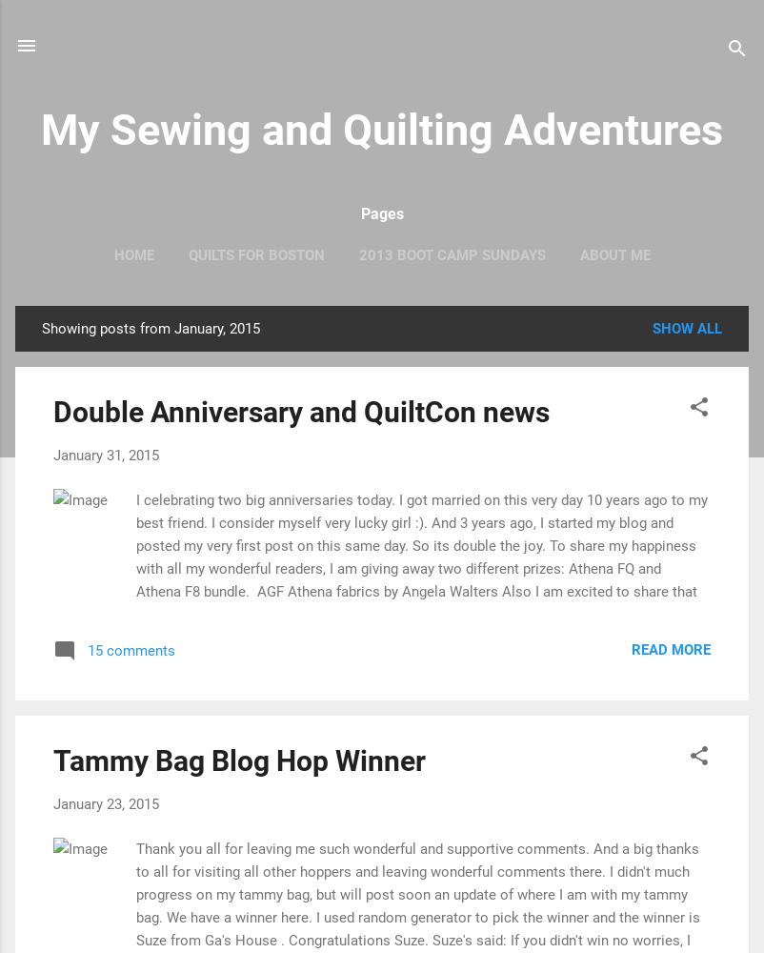 This screenshot has width=764, height=953. Describe the element at coordinates (380, 213) in the screenshot. I see `'Pages'` at that location.